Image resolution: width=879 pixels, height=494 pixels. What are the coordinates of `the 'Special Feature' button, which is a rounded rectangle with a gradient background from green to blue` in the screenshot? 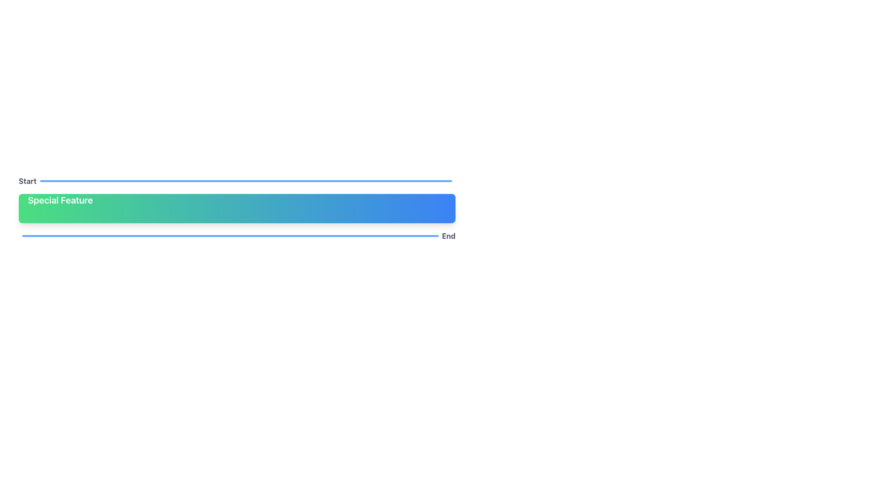 It's located at (237, 208).